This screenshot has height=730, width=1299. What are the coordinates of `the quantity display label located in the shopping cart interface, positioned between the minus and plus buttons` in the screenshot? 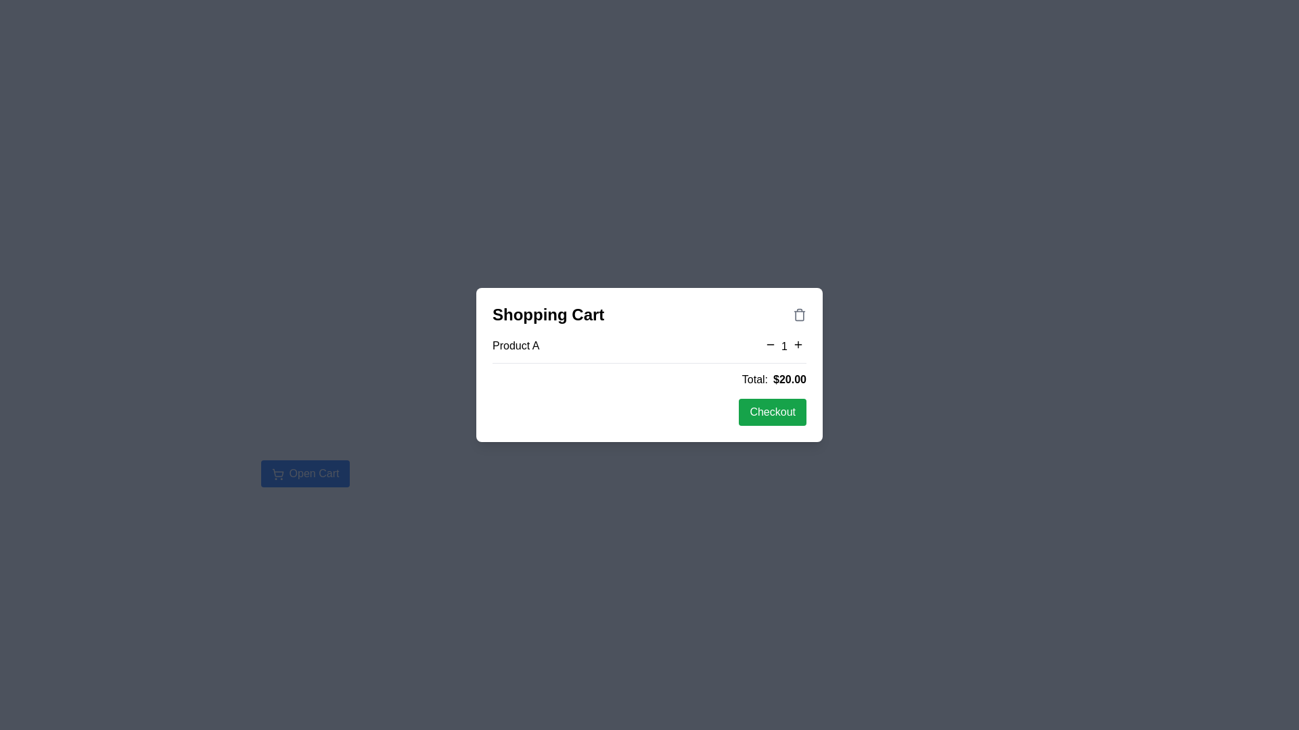 It's located at (784, 345).